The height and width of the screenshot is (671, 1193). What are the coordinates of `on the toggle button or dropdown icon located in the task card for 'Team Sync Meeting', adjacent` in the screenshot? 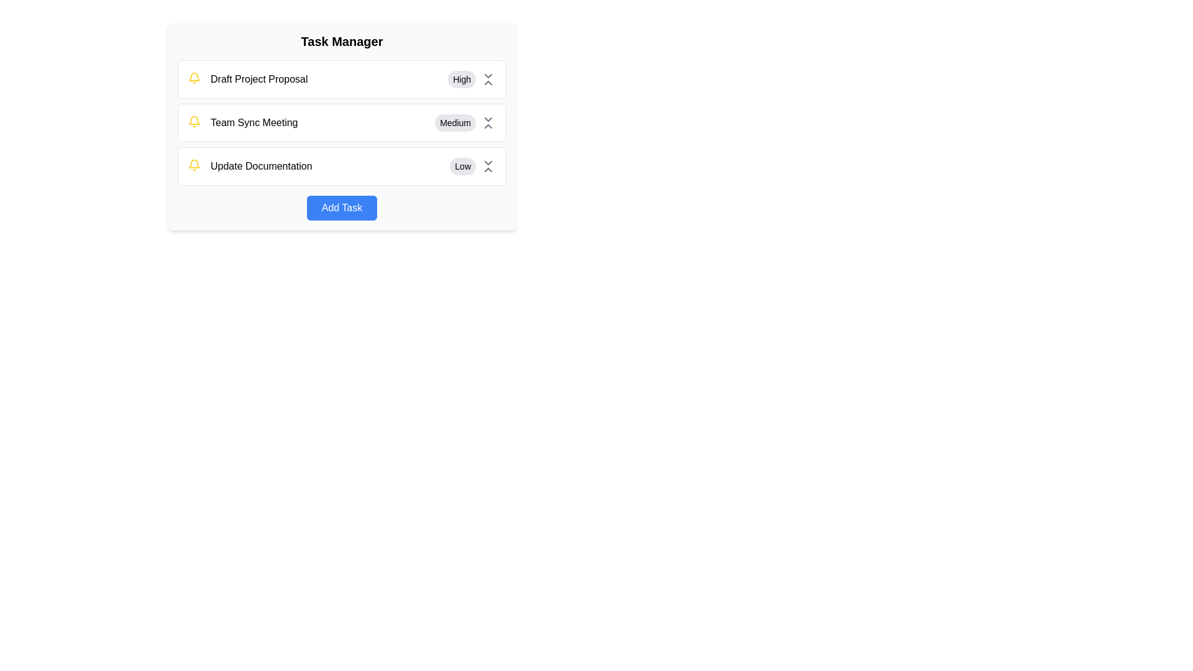 It's located at (488, 122).